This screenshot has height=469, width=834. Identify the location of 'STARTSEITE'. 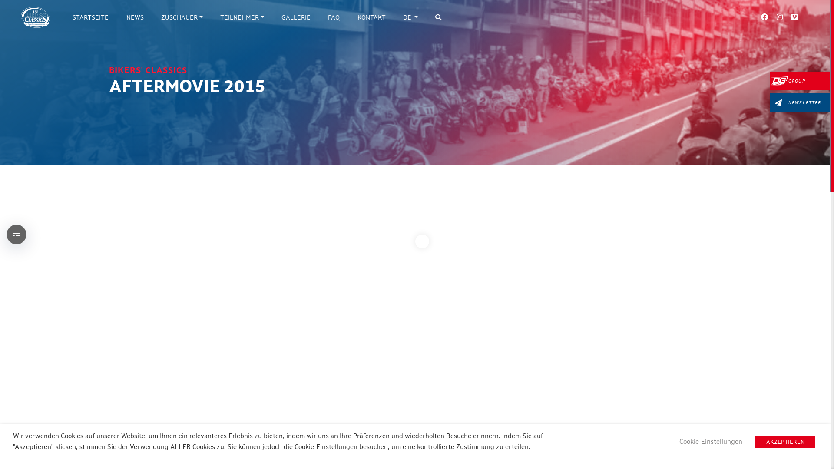
(63, 17).